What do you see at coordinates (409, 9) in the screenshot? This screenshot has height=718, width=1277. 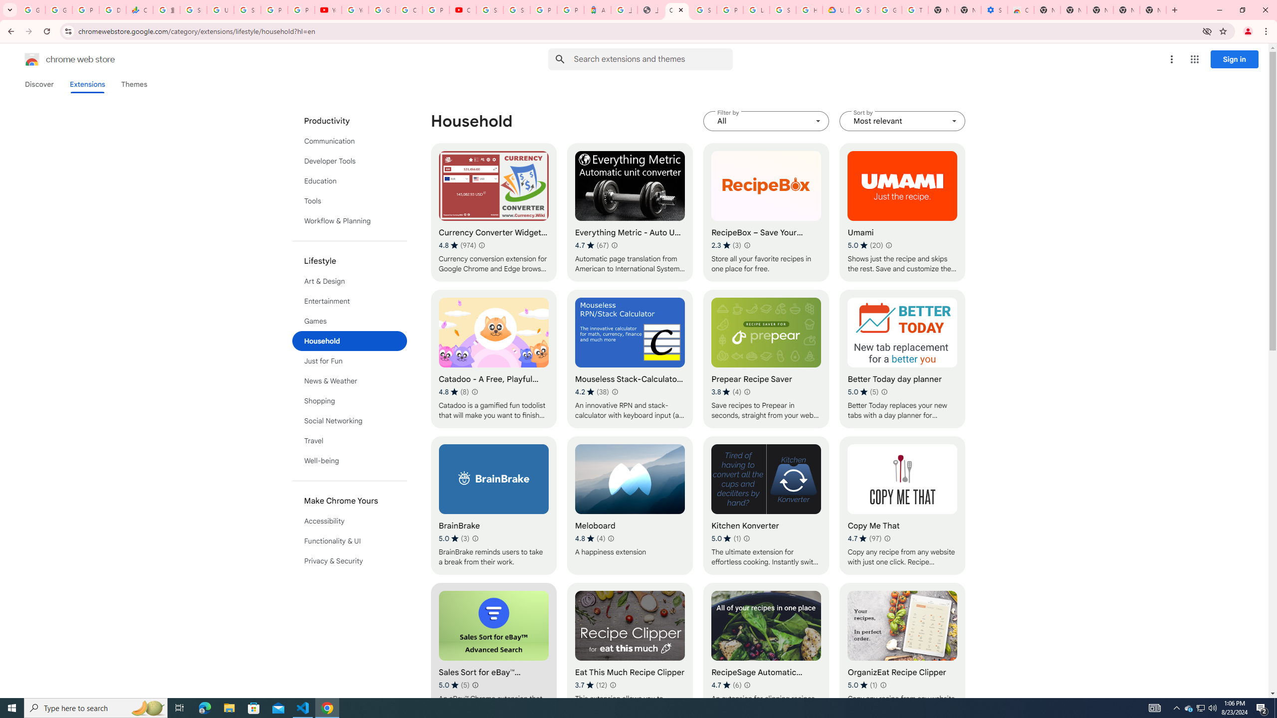 I see `'Create your Google Account'` at bounding box center [409, 9].